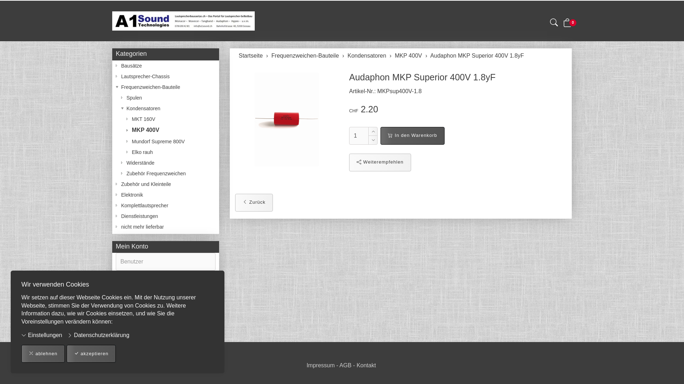  I want to click on 'Komplettlautsprecher', so click(165, 206).